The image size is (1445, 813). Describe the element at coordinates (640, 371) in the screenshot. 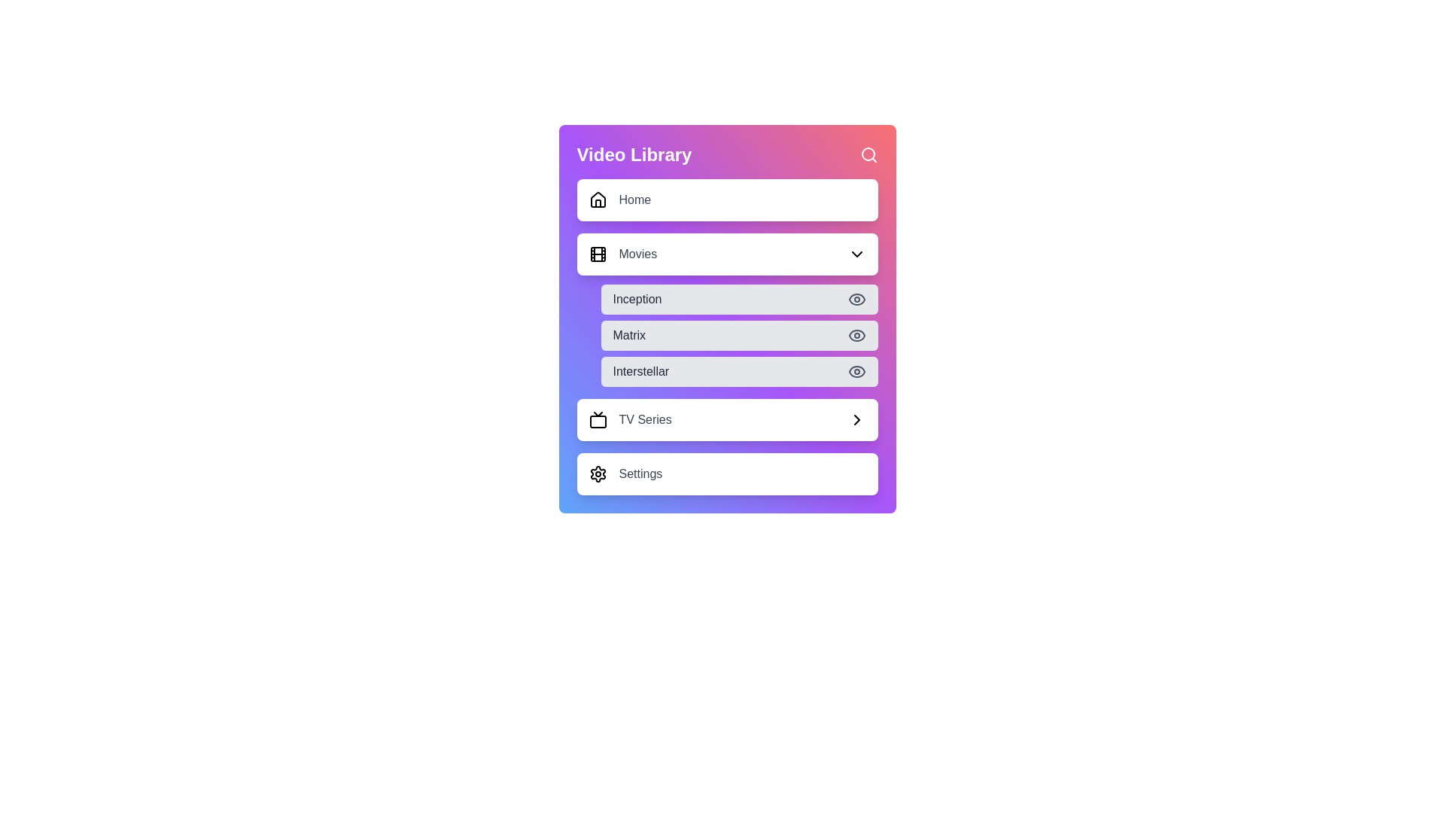

I see `the text label 'Interstellar'` at that location.